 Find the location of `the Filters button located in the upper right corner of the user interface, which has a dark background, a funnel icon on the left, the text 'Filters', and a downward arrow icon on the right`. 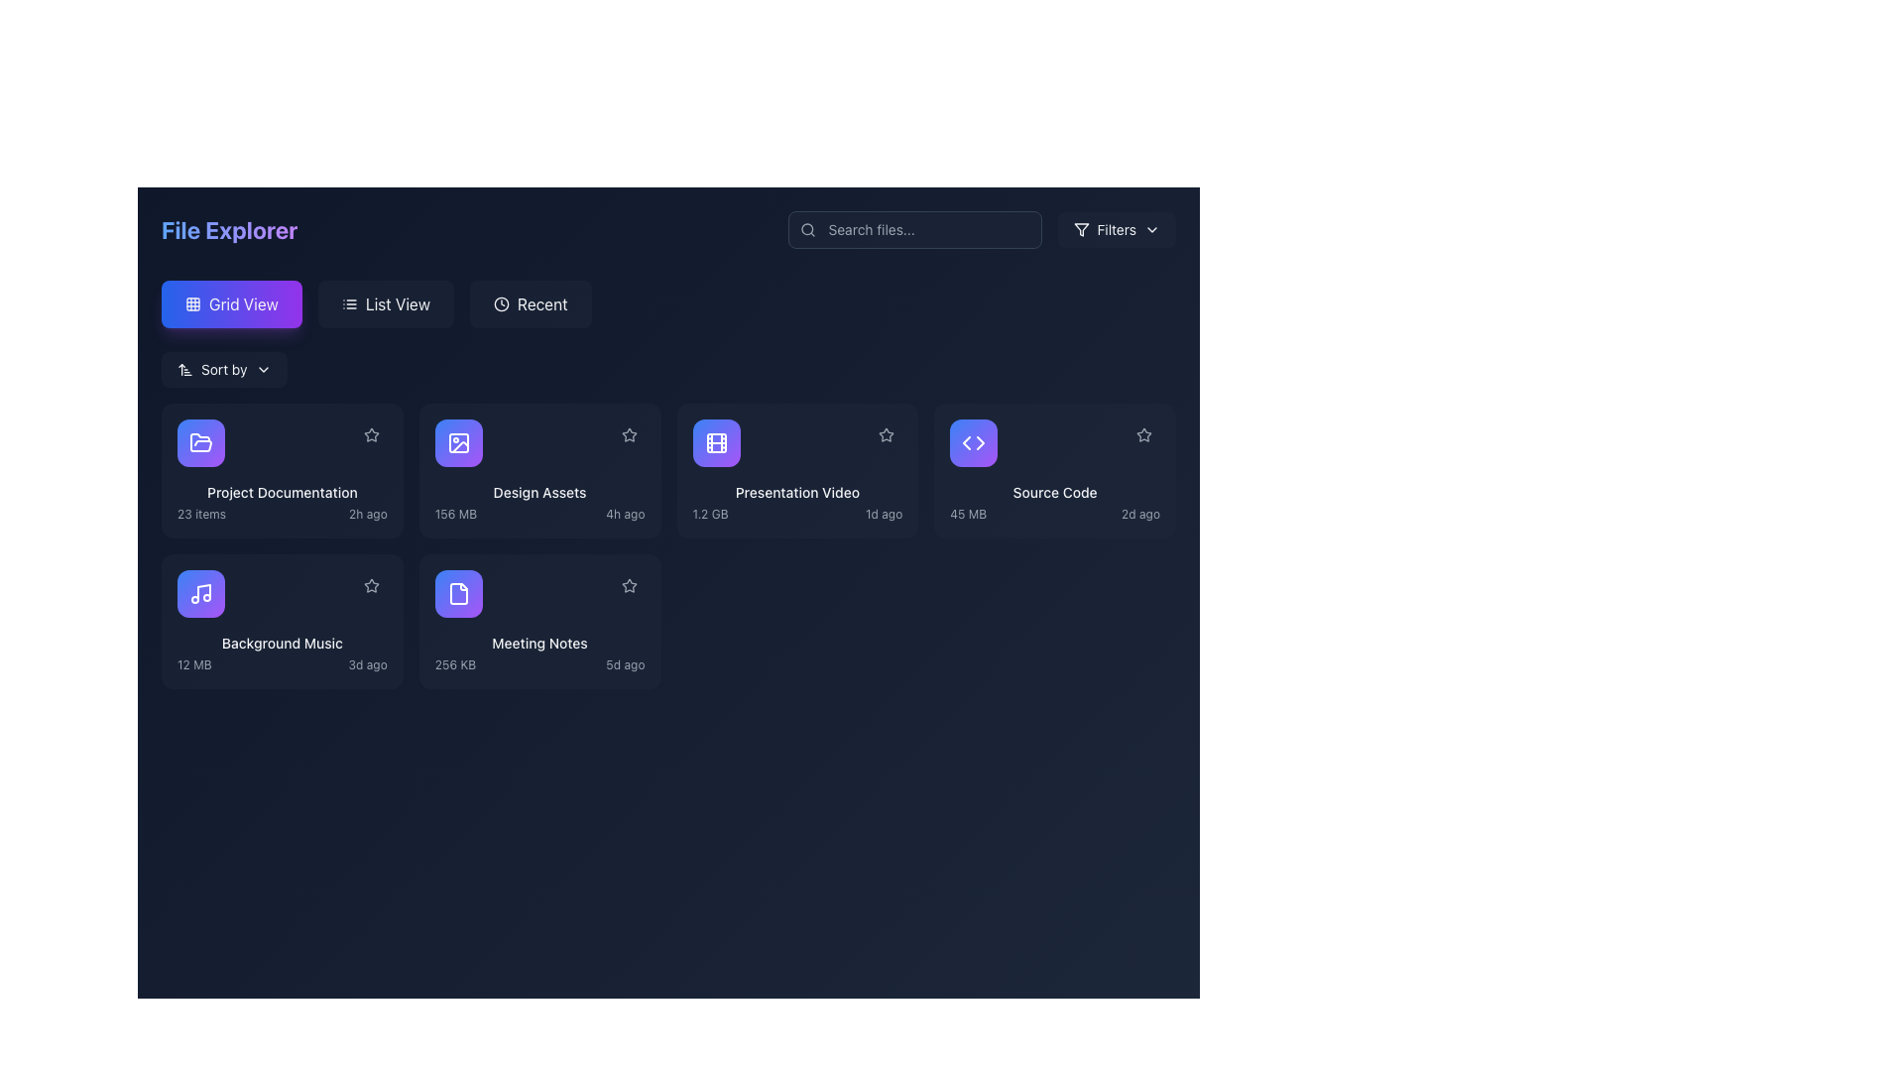

the Filters button located in the upper right corner of the user interface, which has a dark background, a funnel icon on the left, the text 'Filters', and a downward arrow icon on the right is located at coordinates (1117, 228).